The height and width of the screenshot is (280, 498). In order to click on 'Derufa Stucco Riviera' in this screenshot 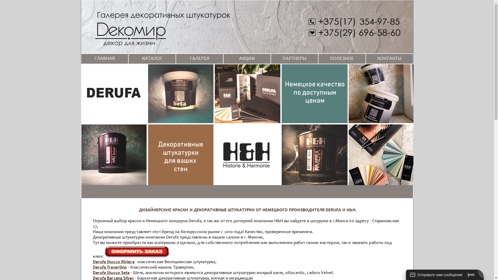, I will do `click(113, 262)`.